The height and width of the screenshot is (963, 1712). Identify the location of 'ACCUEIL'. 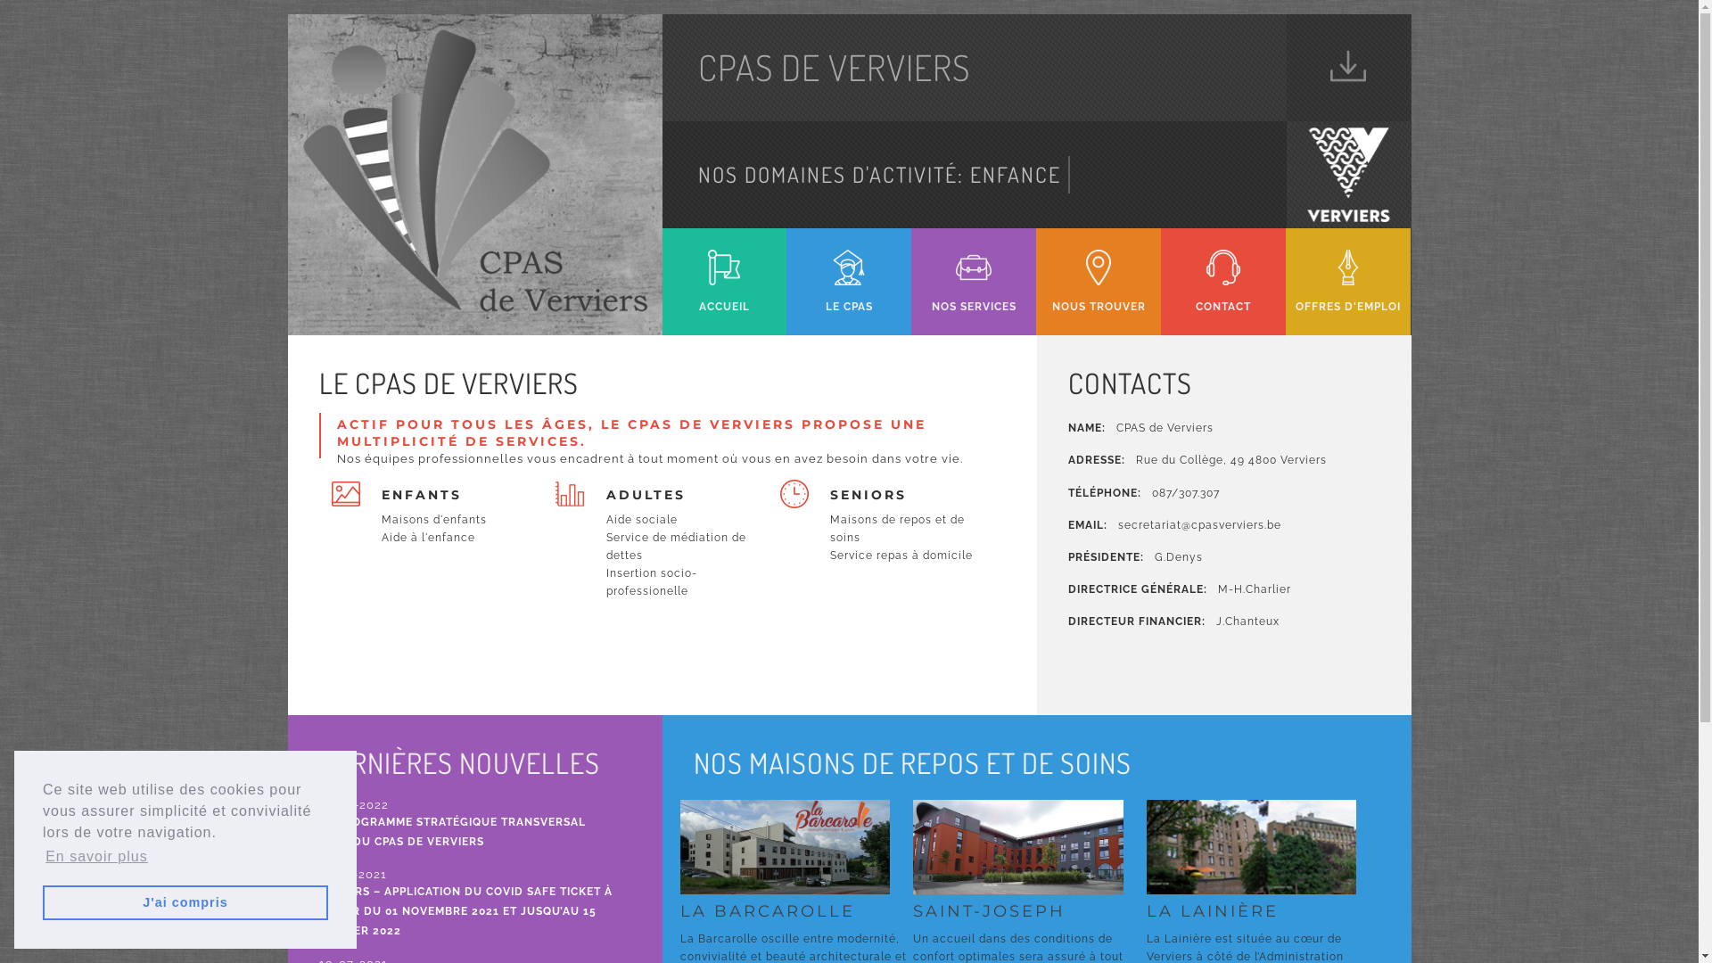
(723, 271).